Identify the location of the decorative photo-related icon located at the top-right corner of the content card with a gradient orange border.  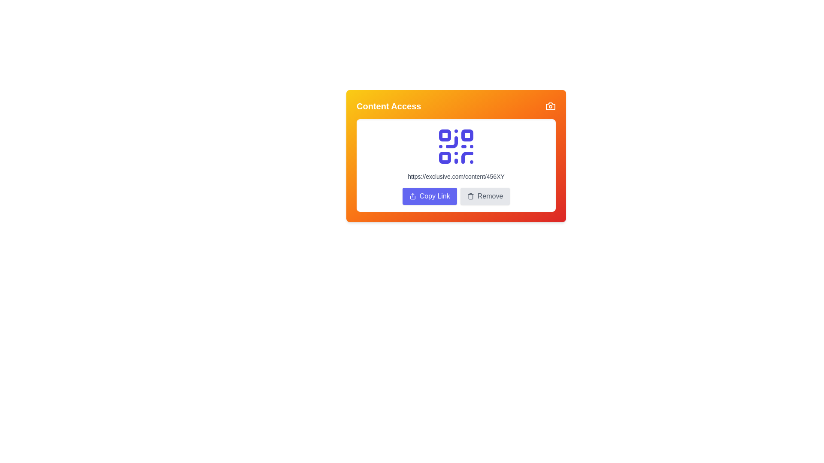
(550, 105).